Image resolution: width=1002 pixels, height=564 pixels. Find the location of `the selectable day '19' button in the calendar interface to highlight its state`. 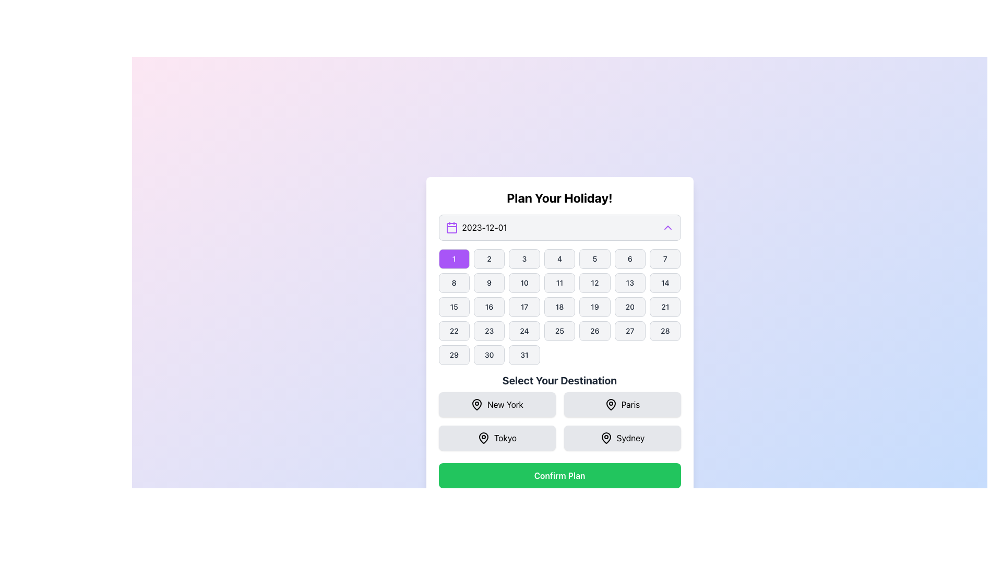

the selectable day '19' button in the calendar interface to highlight its state is located at coordinates (594, 306).